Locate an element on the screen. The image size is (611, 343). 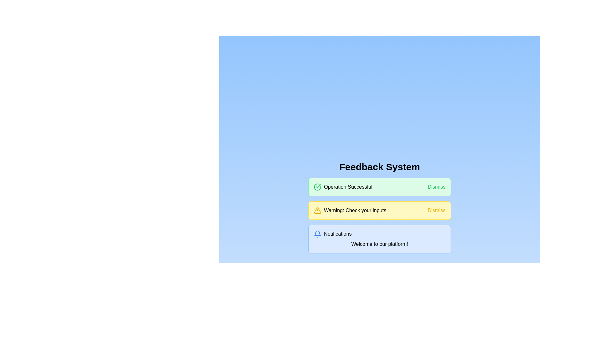
the circular icon representing a check mark within a green circle, which is part of the 'Operation Successful' notification in the user interface is located at coordinates (318, 187).